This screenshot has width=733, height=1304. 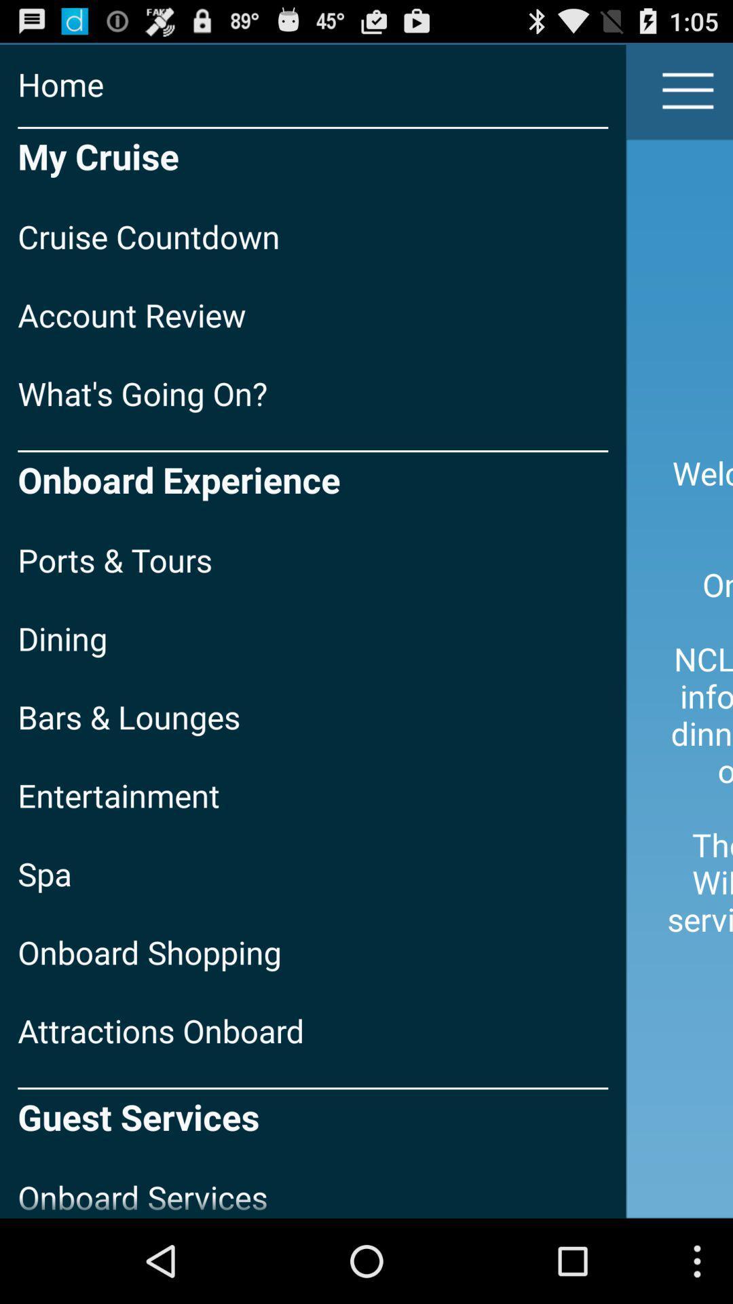 What do you see at coordinates (313, 84) in the screenshot?
I see `home item` at bounding box center [313, 84].